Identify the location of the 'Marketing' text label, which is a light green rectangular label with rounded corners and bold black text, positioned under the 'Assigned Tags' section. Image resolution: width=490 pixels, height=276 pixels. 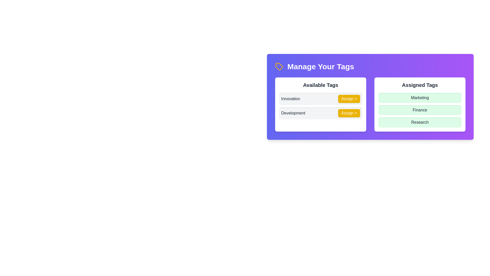
(420, 98).